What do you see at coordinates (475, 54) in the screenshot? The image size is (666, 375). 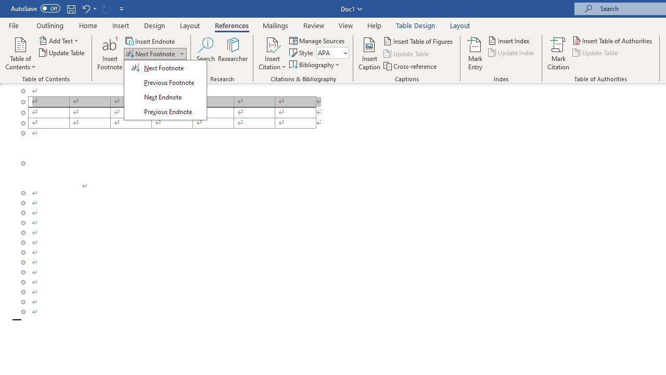 I see `'Mark Entry...'` at bounding box center [475, 54].